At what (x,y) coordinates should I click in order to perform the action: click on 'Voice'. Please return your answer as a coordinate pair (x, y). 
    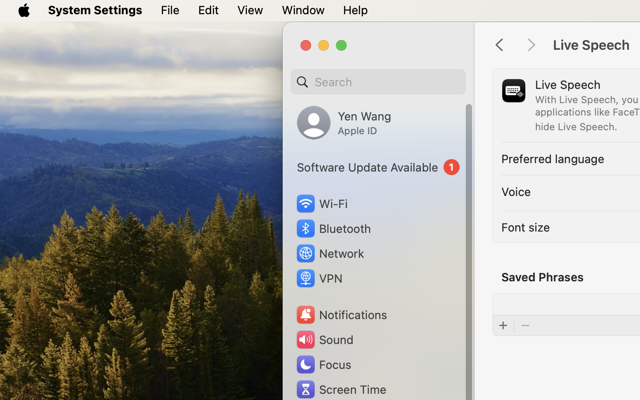
    Looking at the image, I should click on (516, 191).